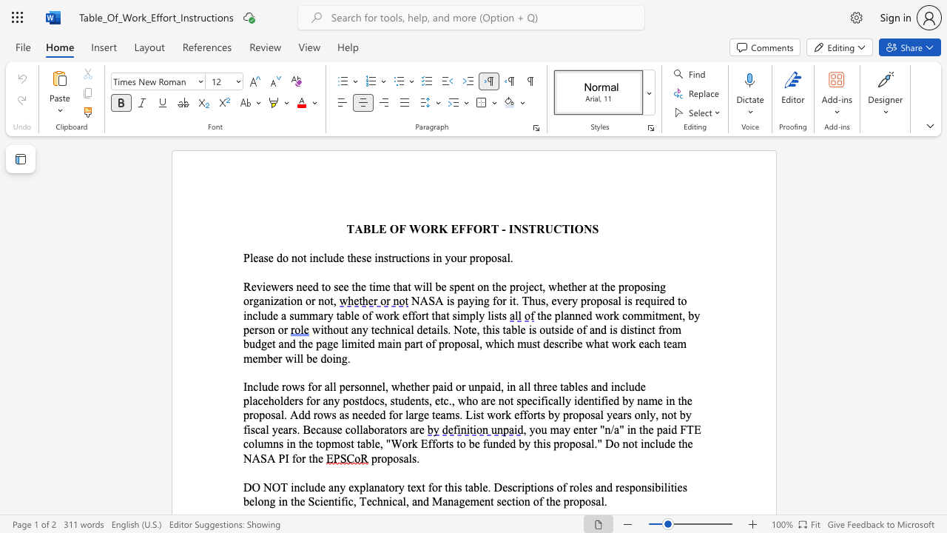 The image size is (947, 533). What do you see at coordinates (561, 229) in the screenshot?
I see `the space between the continuous character "C" and "T" in the text` at bounding box center [561, 229].